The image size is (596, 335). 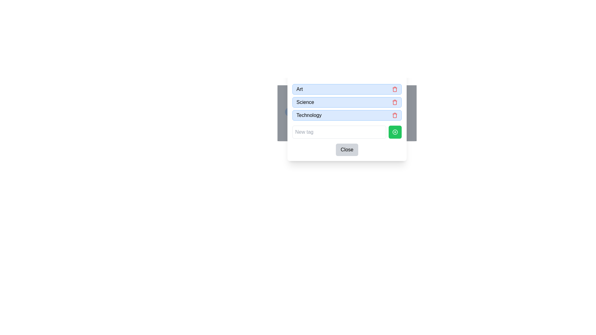 I want to click on the rounded rectangular button with a vibrant green background and a white border that contains a 'plus' symbol icon, so click(x=395, y=132).